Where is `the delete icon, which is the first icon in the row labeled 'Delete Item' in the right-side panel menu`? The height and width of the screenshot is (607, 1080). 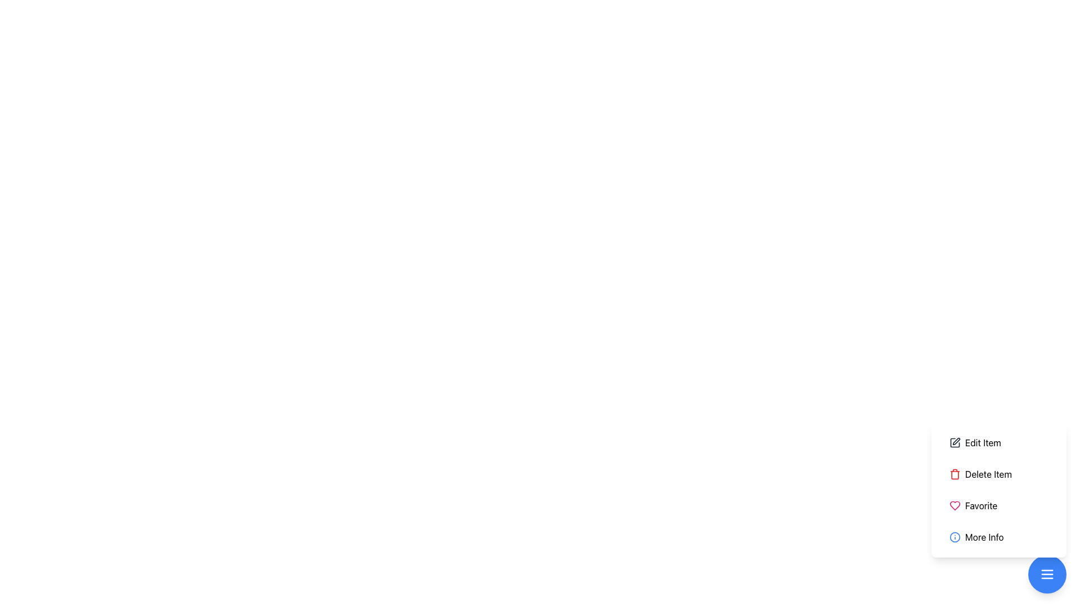 the delete icon, which is the first icon in the row labeled 'Delete Item' in the right-side panel menu is located at coordinates (955, 474).